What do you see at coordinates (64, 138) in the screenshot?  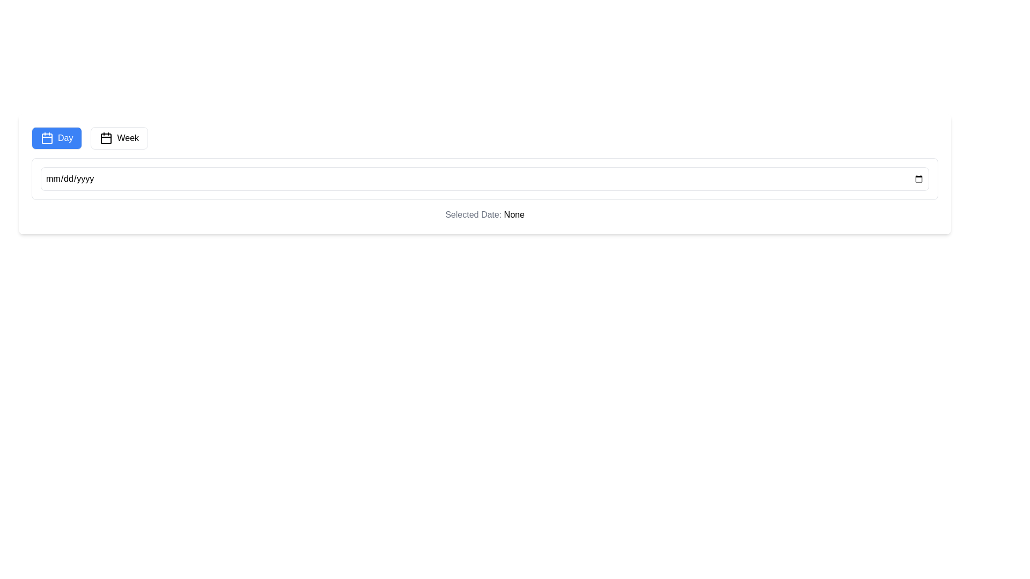 I see `the text label within the first button on the top-left corner of the interface` at bounding box center [64, 138].